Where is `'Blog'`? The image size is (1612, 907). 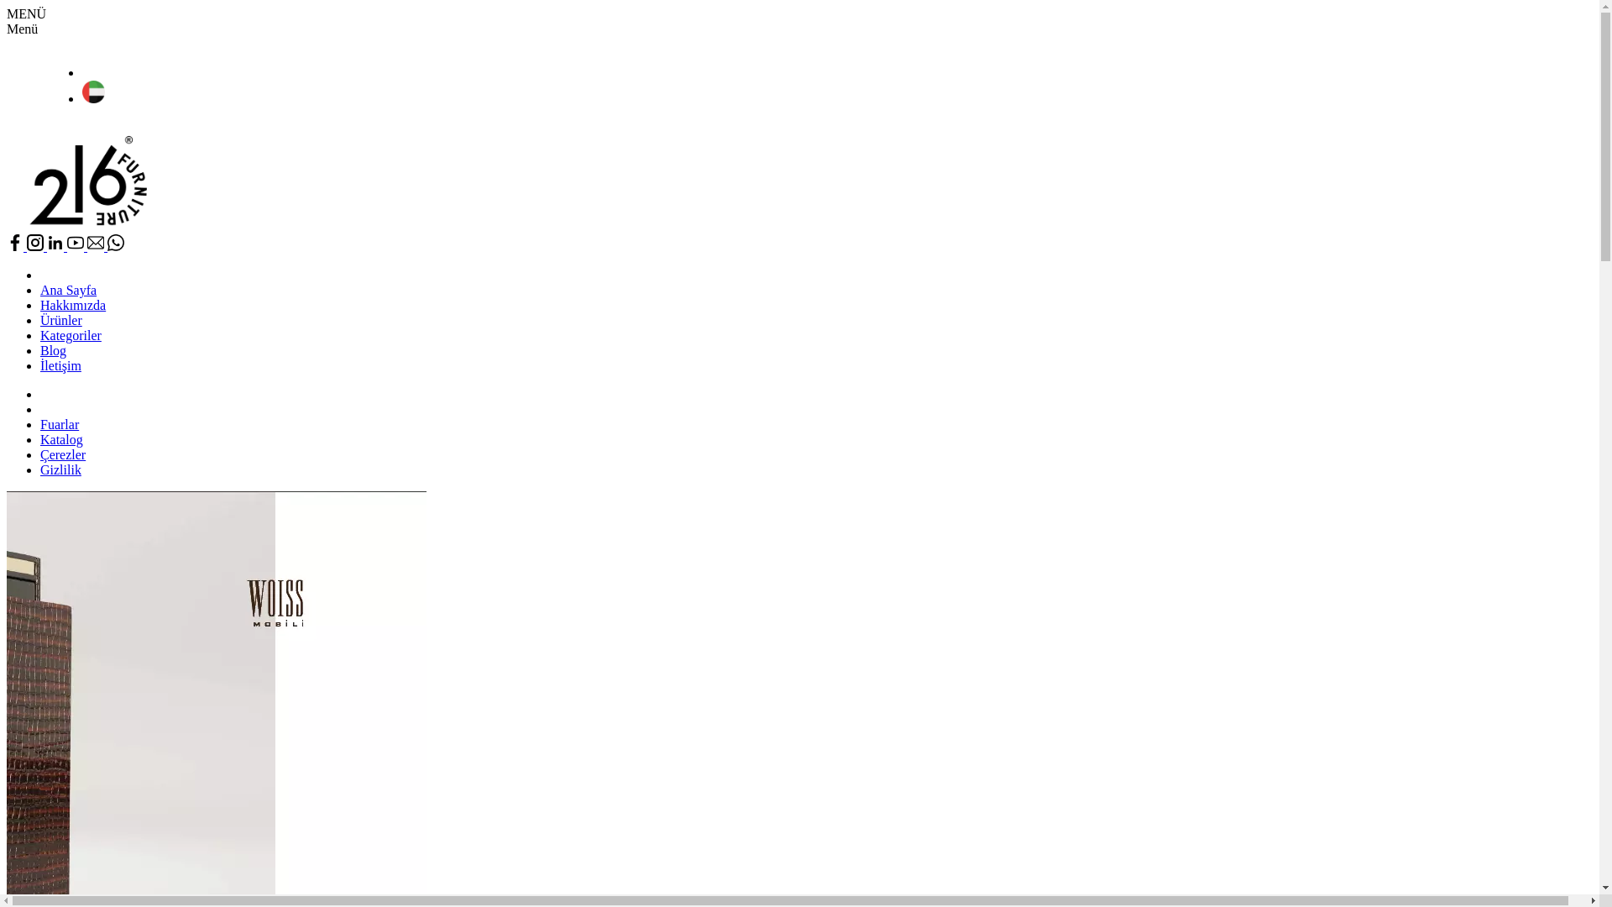 'Blog' is located at coordinates (53, 349).